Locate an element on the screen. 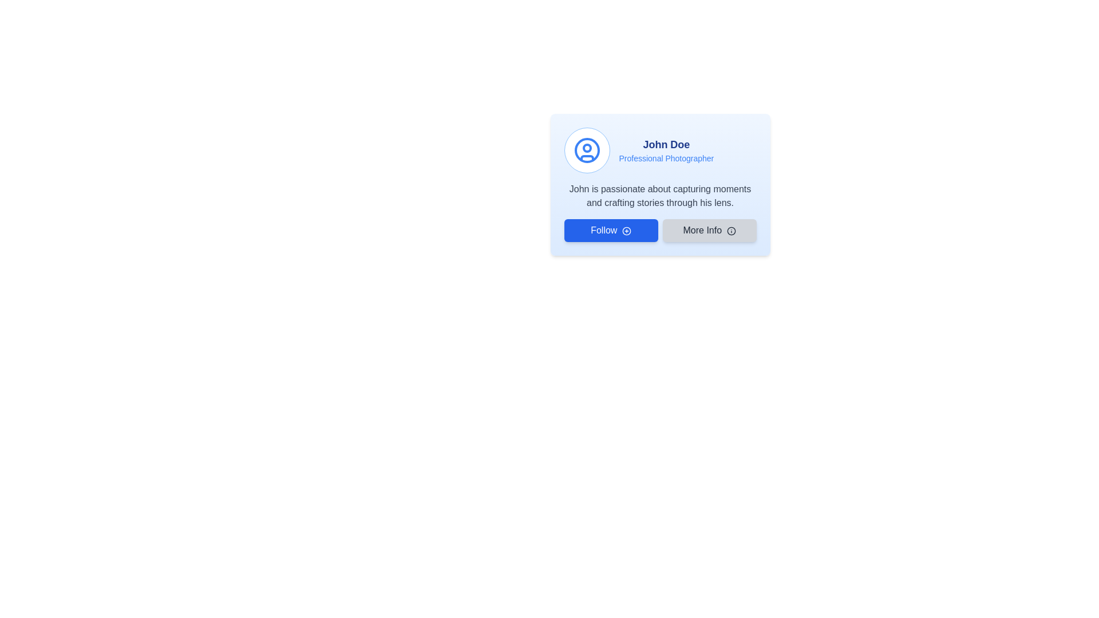 Image resolution: width=1099 pixels, height=618 pixels. the SVG Circle Element located adjacent to the 'More Info' button in the bottom-right area of the user card for visual feedback is located at coordinates (730, 231).